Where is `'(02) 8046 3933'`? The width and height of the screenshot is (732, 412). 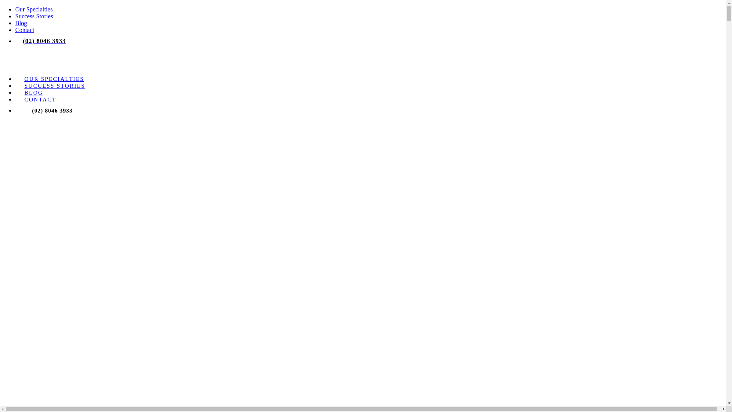 '(02) 8046 3933' is located at coordinates (44, 41).